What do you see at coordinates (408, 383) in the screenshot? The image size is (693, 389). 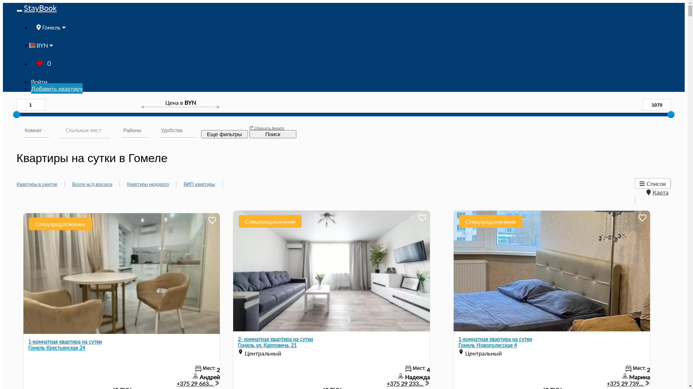 I see `'+375 29 233...'` at bounding box center [408, 383].